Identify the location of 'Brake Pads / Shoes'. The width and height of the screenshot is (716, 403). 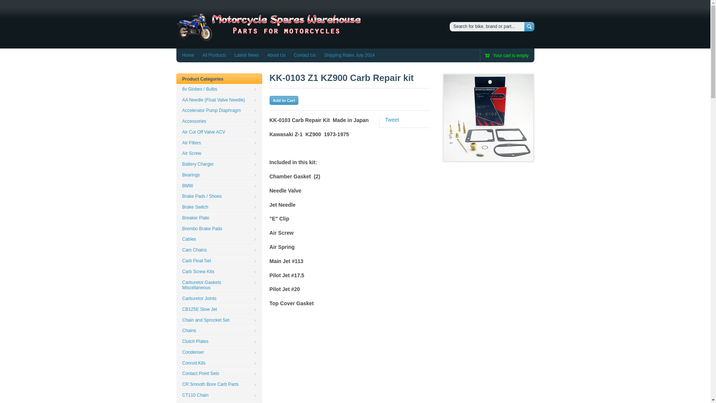
(175, 196).